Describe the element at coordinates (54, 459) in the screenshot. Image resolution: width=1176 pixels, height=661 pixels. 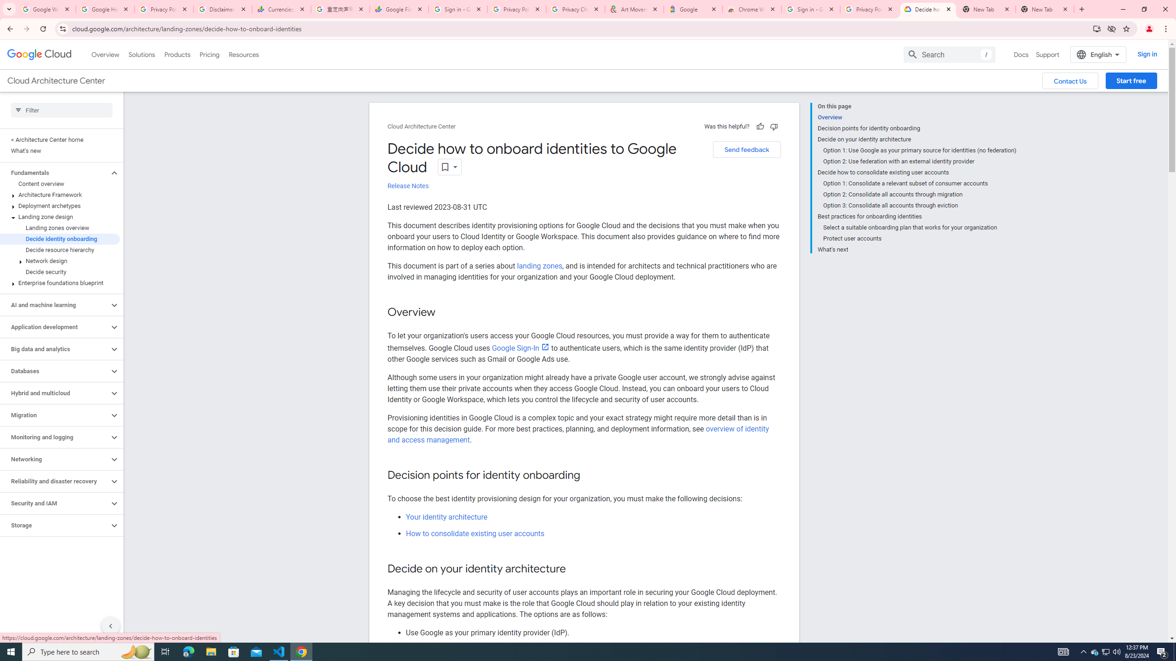
I see `'Networking'` at that location.